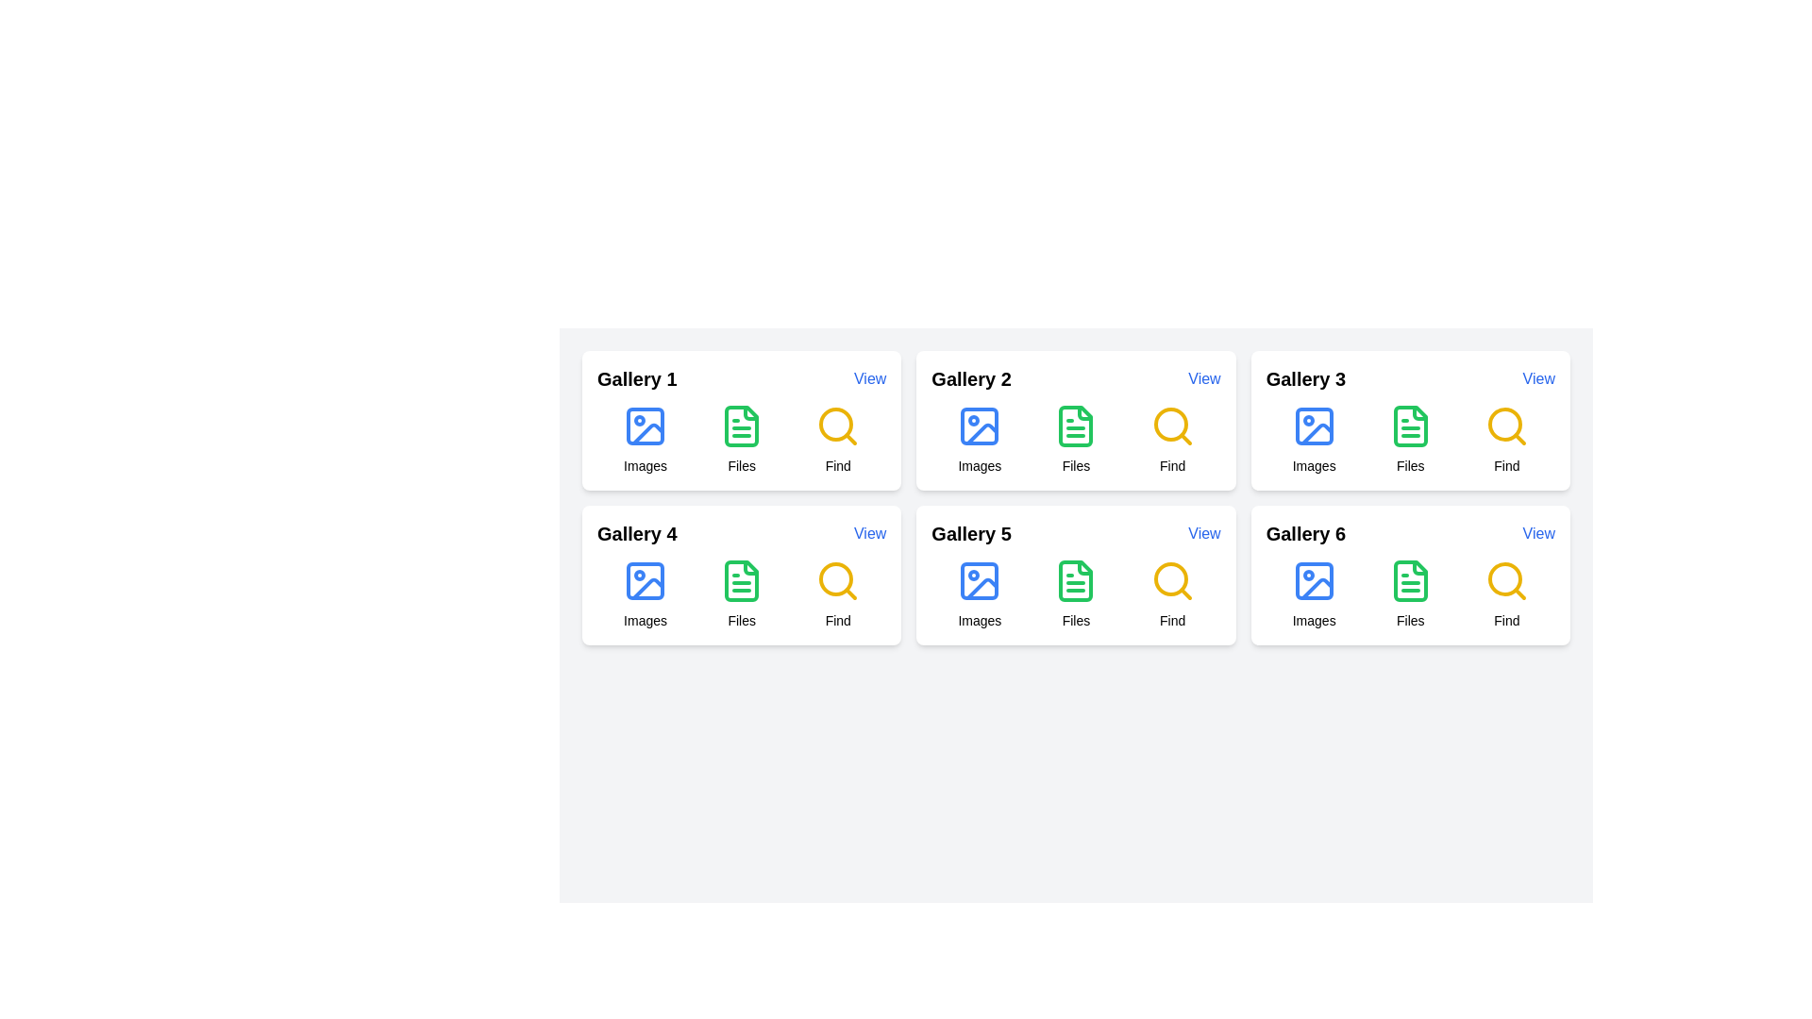  What do you see at coordinates (1076, 426) in the screenshot?
I see `the green file document icon representing 'Files' functionality, located centrally within the 'Gallery 2' card` at bounding box center [1076, 426].